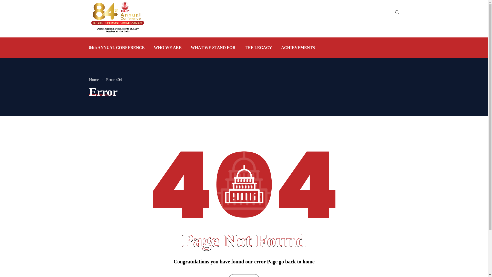 The height and width of the screenshot is (277, 492). What do you see at coordinates (97, 80) in the screenshot?
I see `'Home'` at bounding box center [97, 80].